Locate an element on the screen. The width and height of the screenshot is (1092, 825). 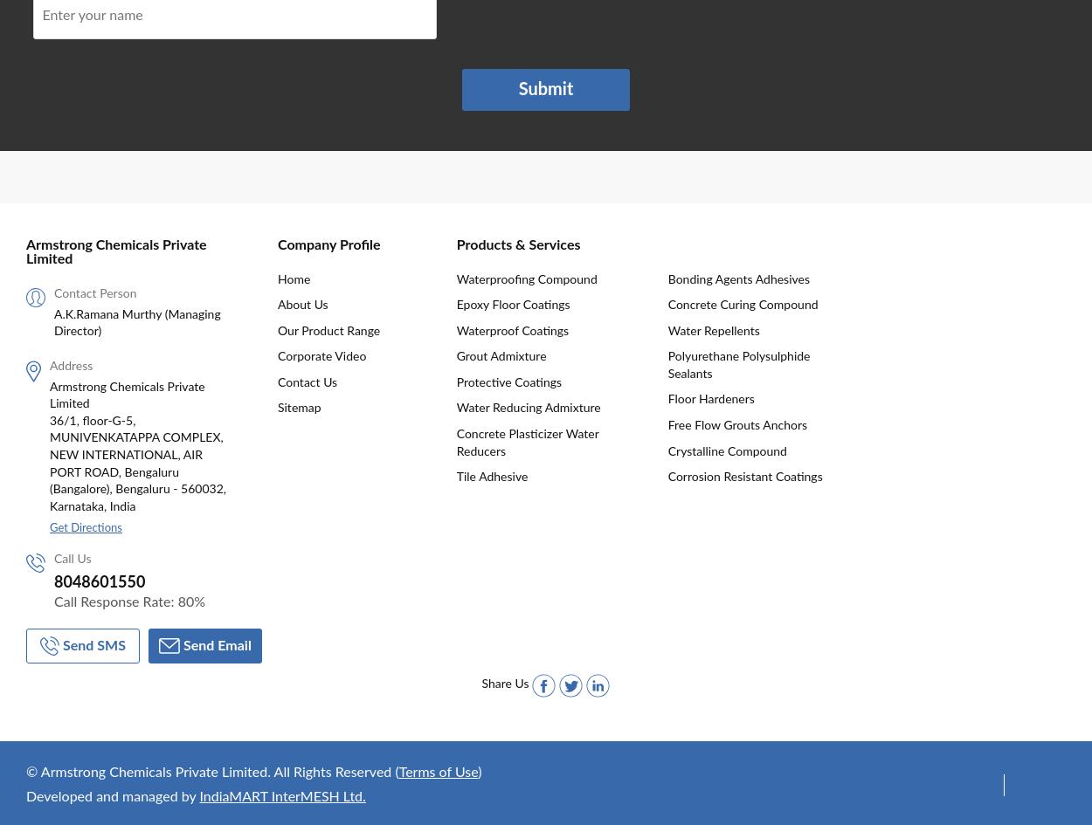
'Bonding Agents Adhesives' is located at coordinates (737, 278).